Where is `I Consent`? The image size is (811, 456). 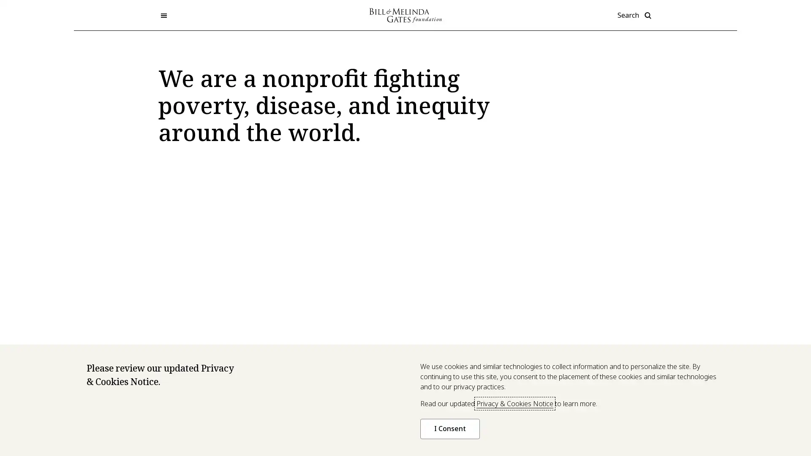 I Consent is located at coordinates (449, 429).